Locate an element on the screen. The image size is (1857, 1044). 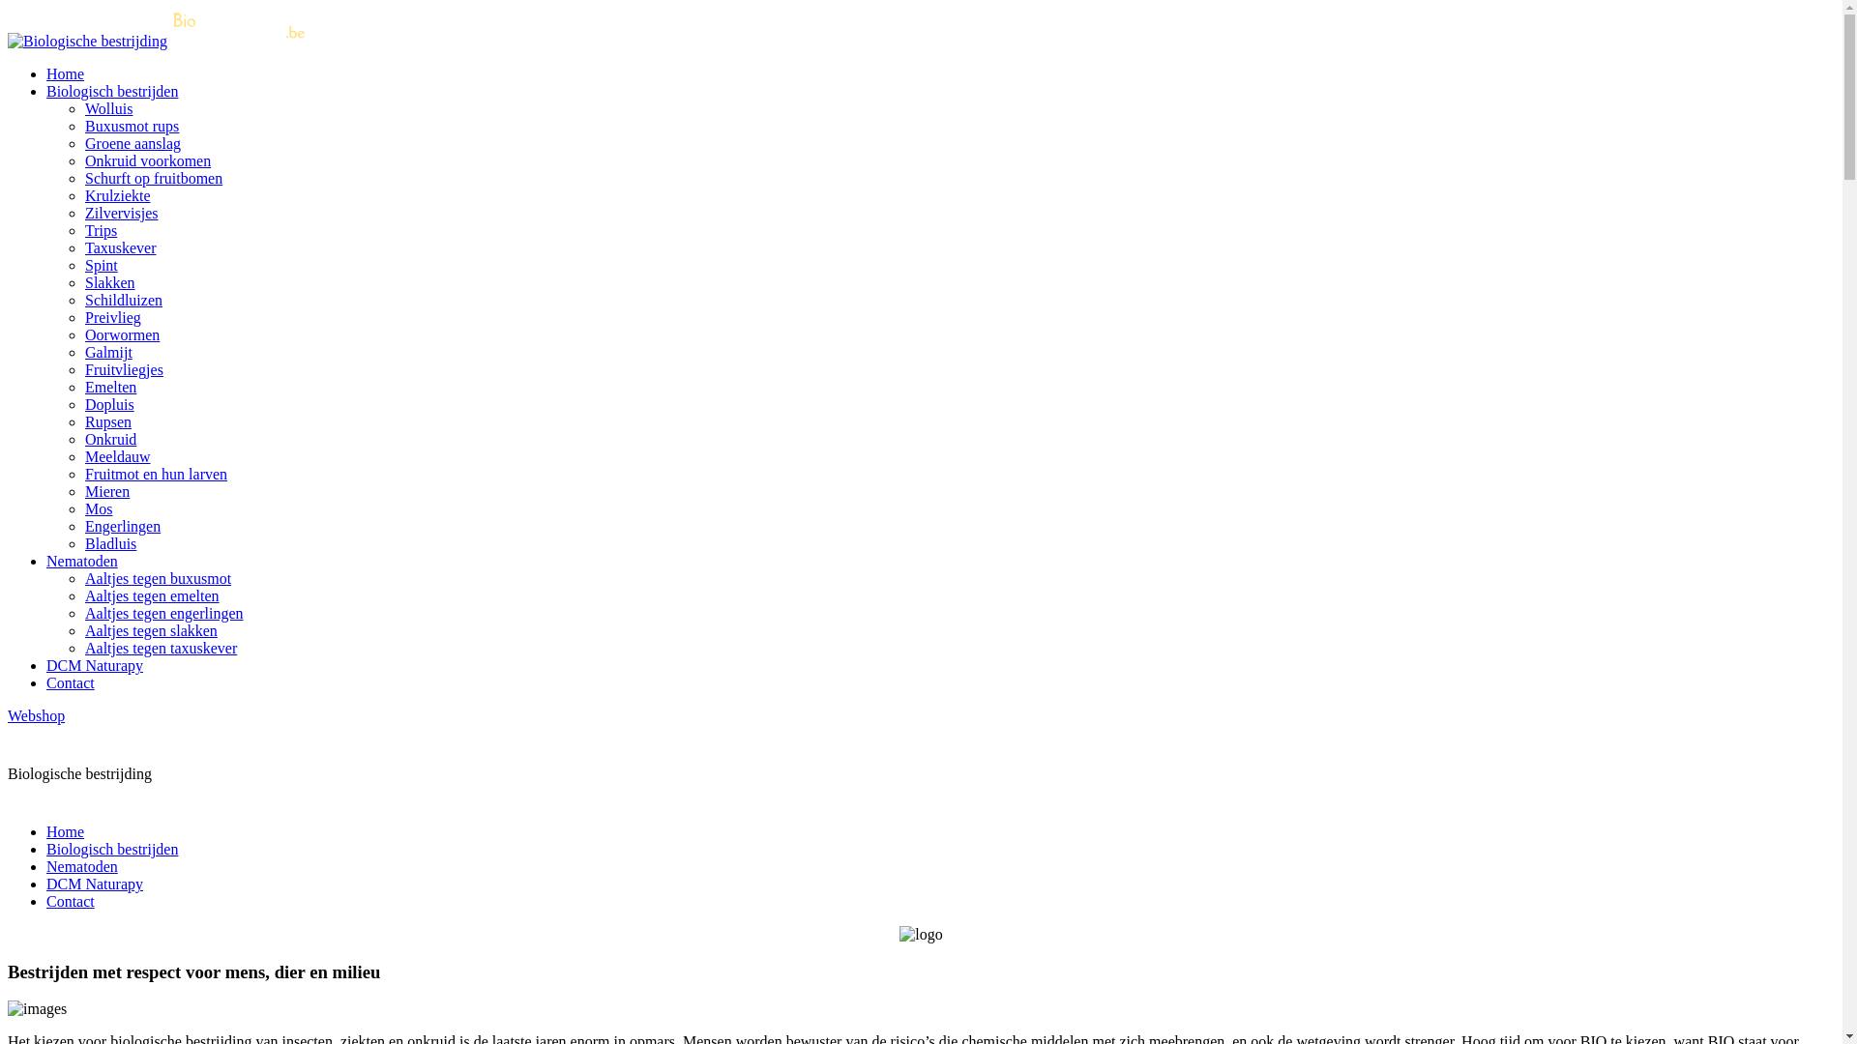
'Aaltjes tegen engerlingen' is located at coordinates (83, 613).